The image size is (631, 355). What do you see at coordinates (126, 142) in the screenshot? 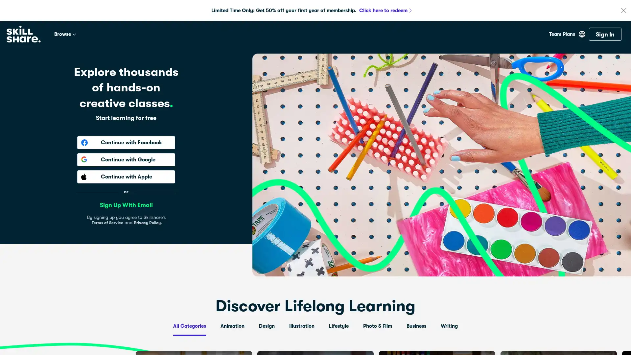
I see `Continue with Facebook` at bounding box center [126, 142].